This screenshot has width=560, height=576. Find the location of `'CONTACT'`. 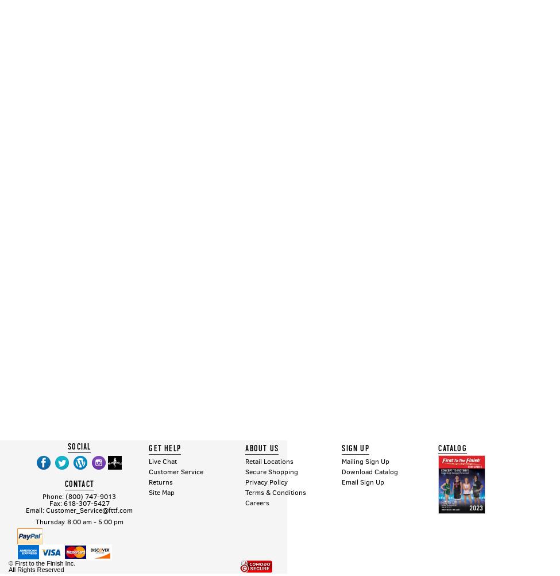

'CONTACT' is located at coordinates (64, 484).